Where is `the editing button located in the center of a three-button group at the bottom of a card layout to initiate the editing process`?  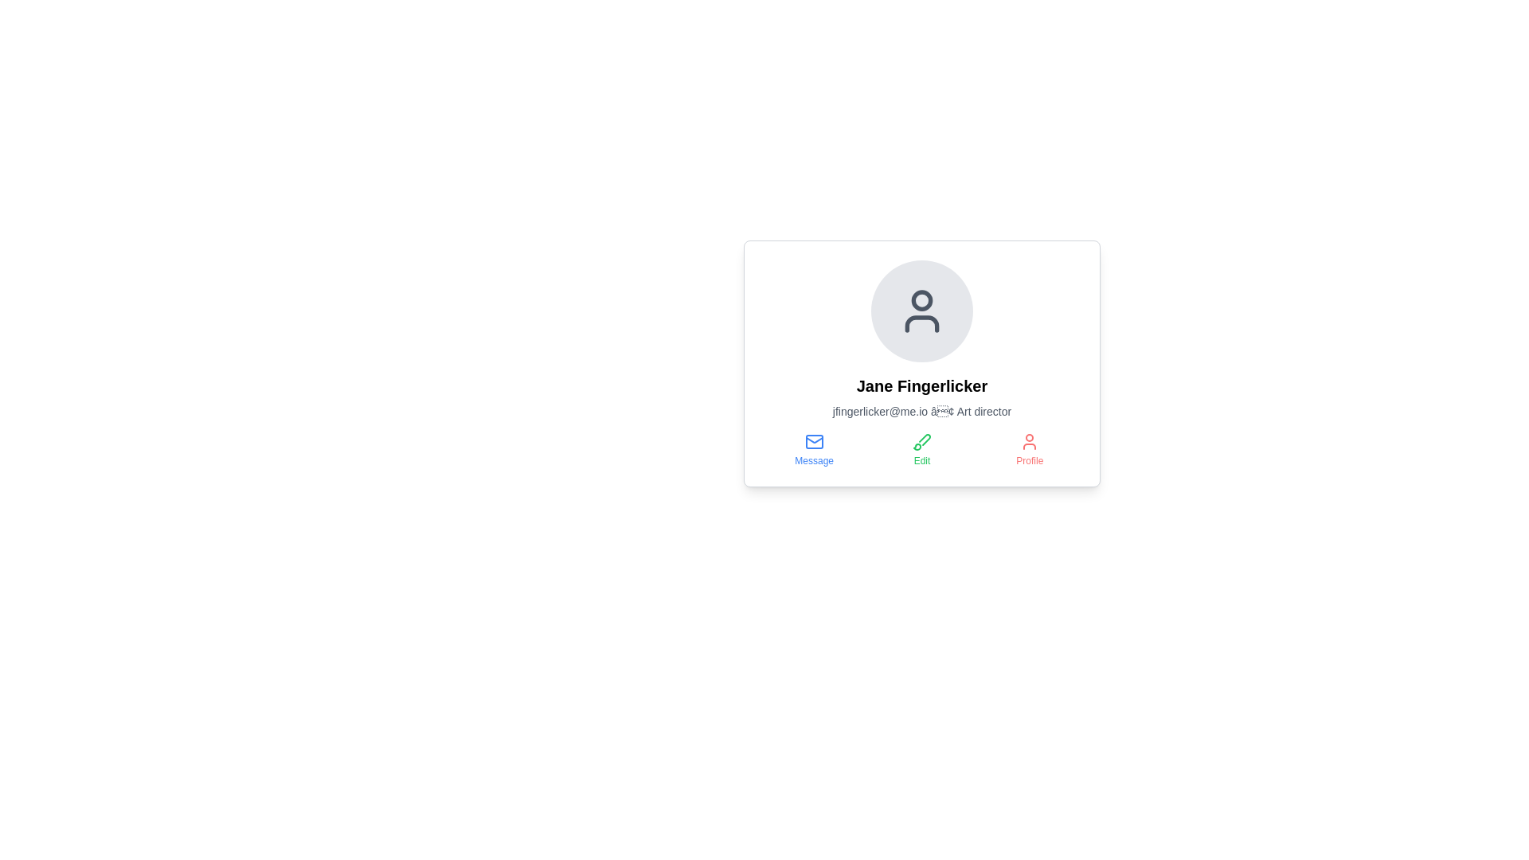
the editing button located in the center of a three-button group at the bottom of a card layout to initiate the editing process is located at coordinates (921, 449).